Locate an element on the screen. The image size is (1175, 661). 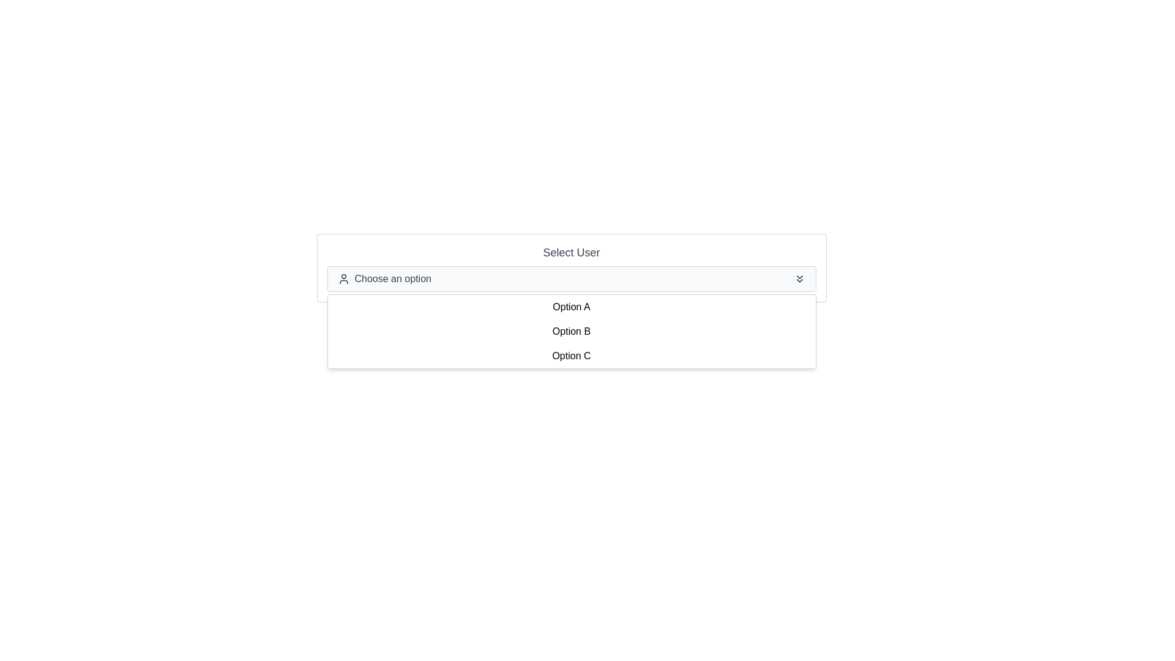
an option in the expanded dropdown menu below the 'Choose an option' button is located at coordinates (571, 332).